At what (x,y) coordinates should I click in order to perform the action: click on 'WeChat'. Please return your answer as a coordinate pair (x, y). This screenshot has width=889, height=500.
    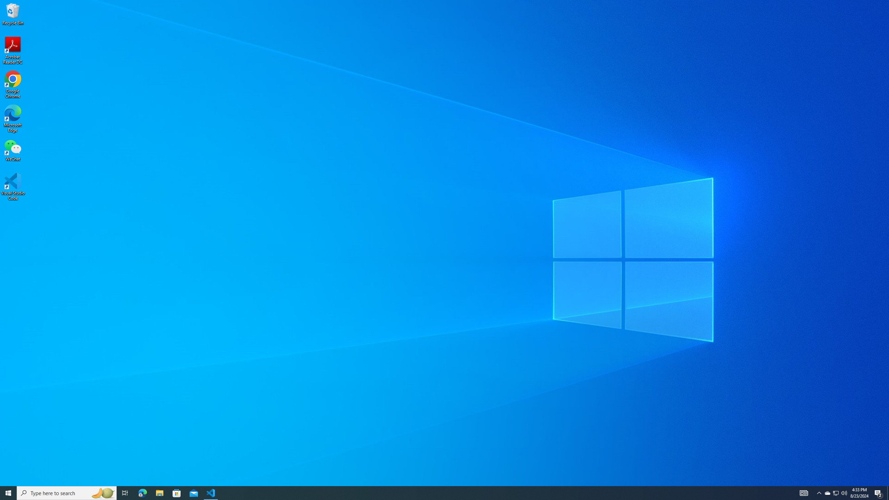
    Looking at the image, I should click on (13, 150).